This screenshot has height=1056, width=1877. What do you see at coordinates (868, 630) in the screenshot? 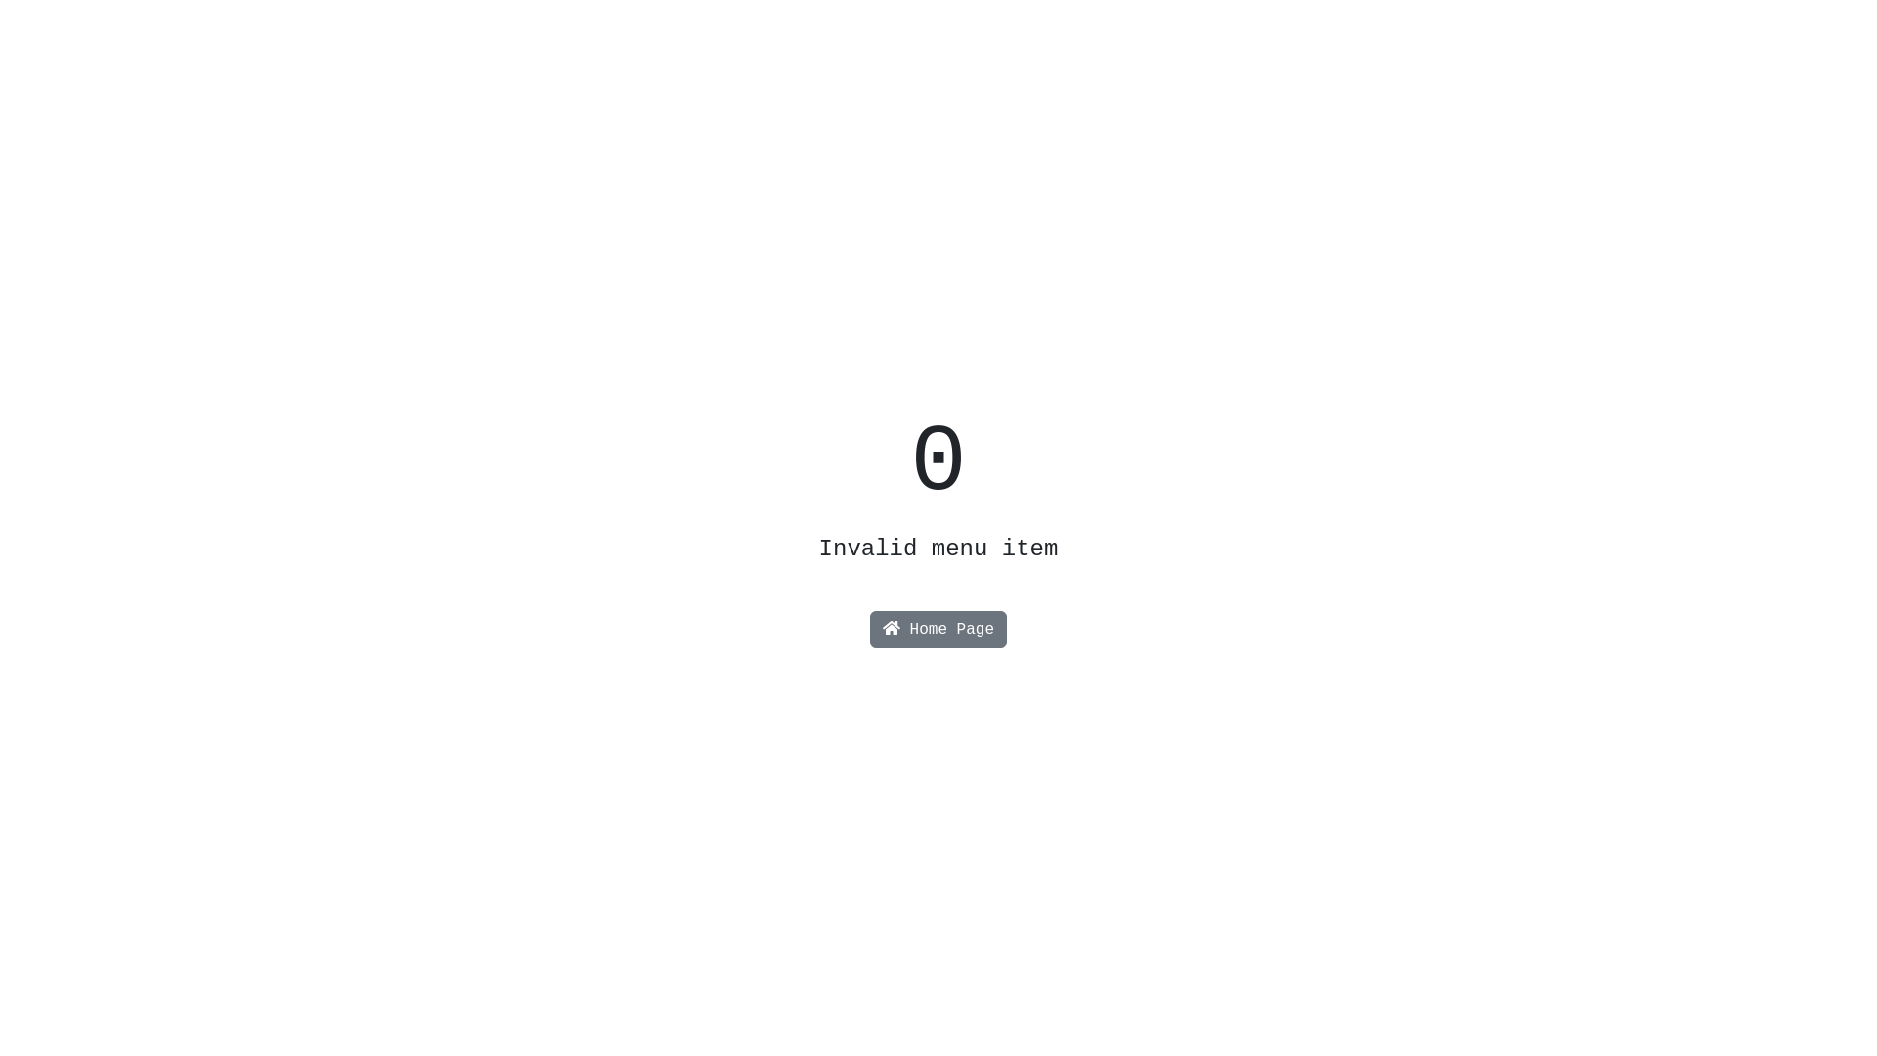
I see `'Home Page'` at bounding box center [868, 630].